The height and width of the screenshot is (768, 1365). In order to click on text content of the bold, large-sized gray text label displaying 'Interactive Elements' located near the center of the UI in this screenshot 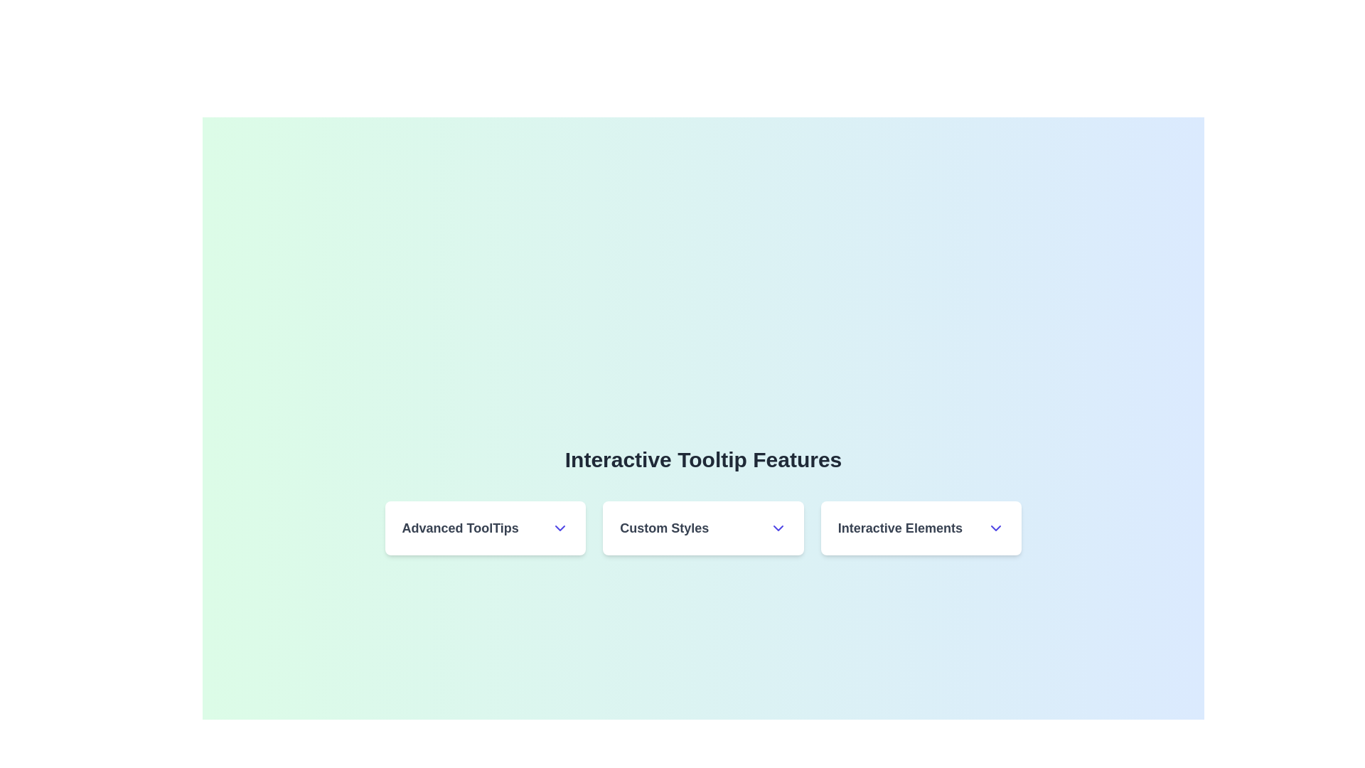, I will do `click(899, 528)`.